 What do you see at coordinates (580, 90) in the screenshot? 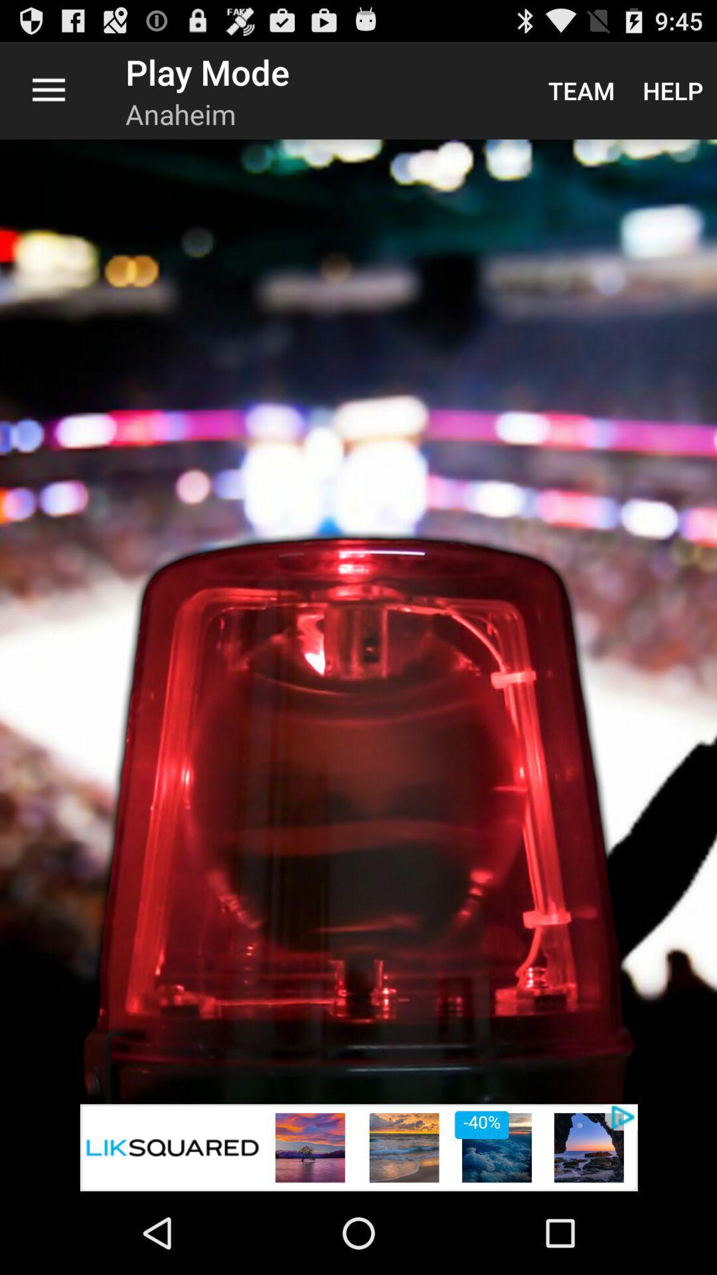
I see `team icon` at bounding box center [580, 90].